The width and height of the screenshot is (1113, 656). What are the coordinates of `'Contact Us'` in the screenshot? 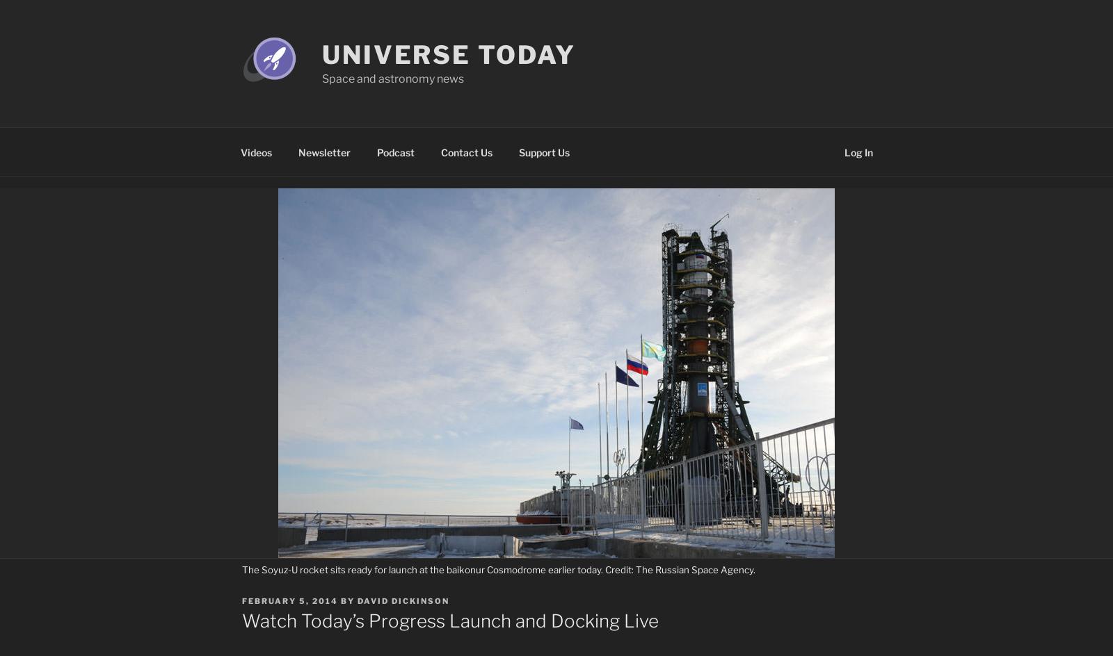 It's located at (466, 151).